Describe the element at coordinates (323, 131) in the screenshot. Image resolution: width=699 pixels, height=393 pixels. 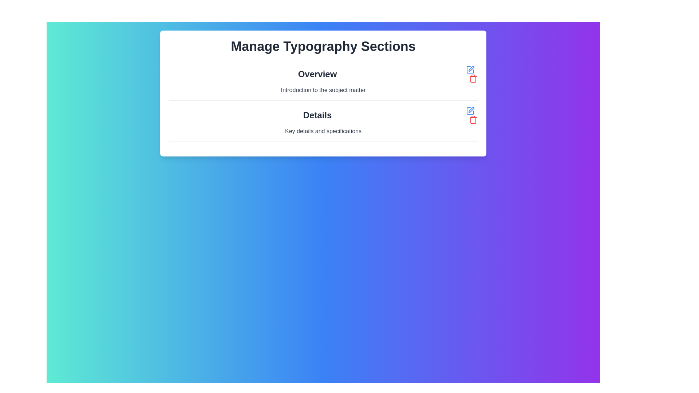
I see `the text label that provides additional information about the 'Details' section, which is the second item listed below the bold 'Details' heading` at that location.